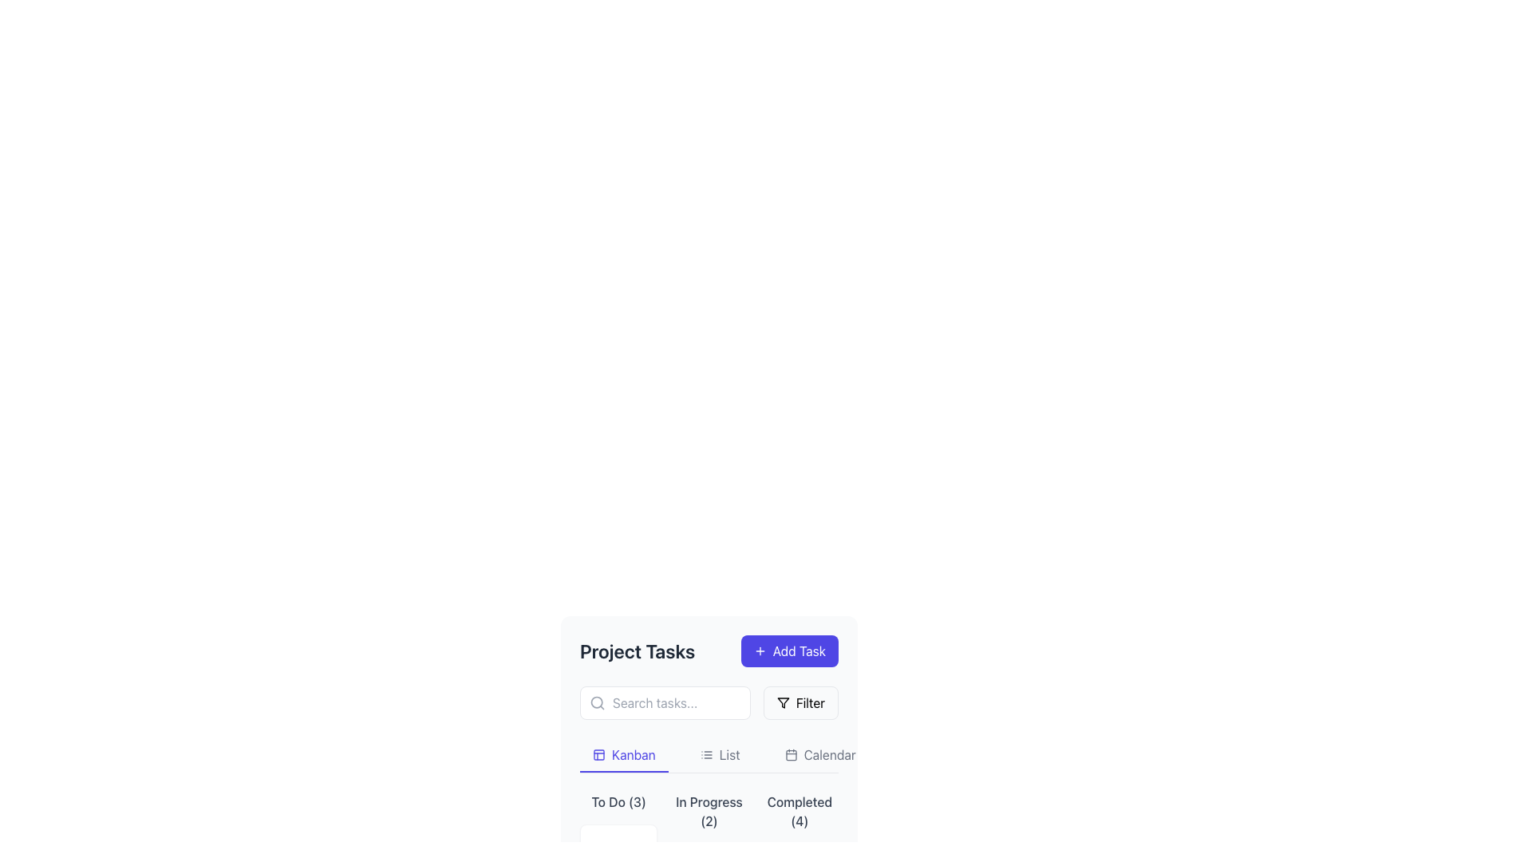 This screenshot has height=862, width=1532. Describe the element at coordinates (759, 651) in the screenshot. I see `the '+' icon within the 'Add Task' button located` at that location.